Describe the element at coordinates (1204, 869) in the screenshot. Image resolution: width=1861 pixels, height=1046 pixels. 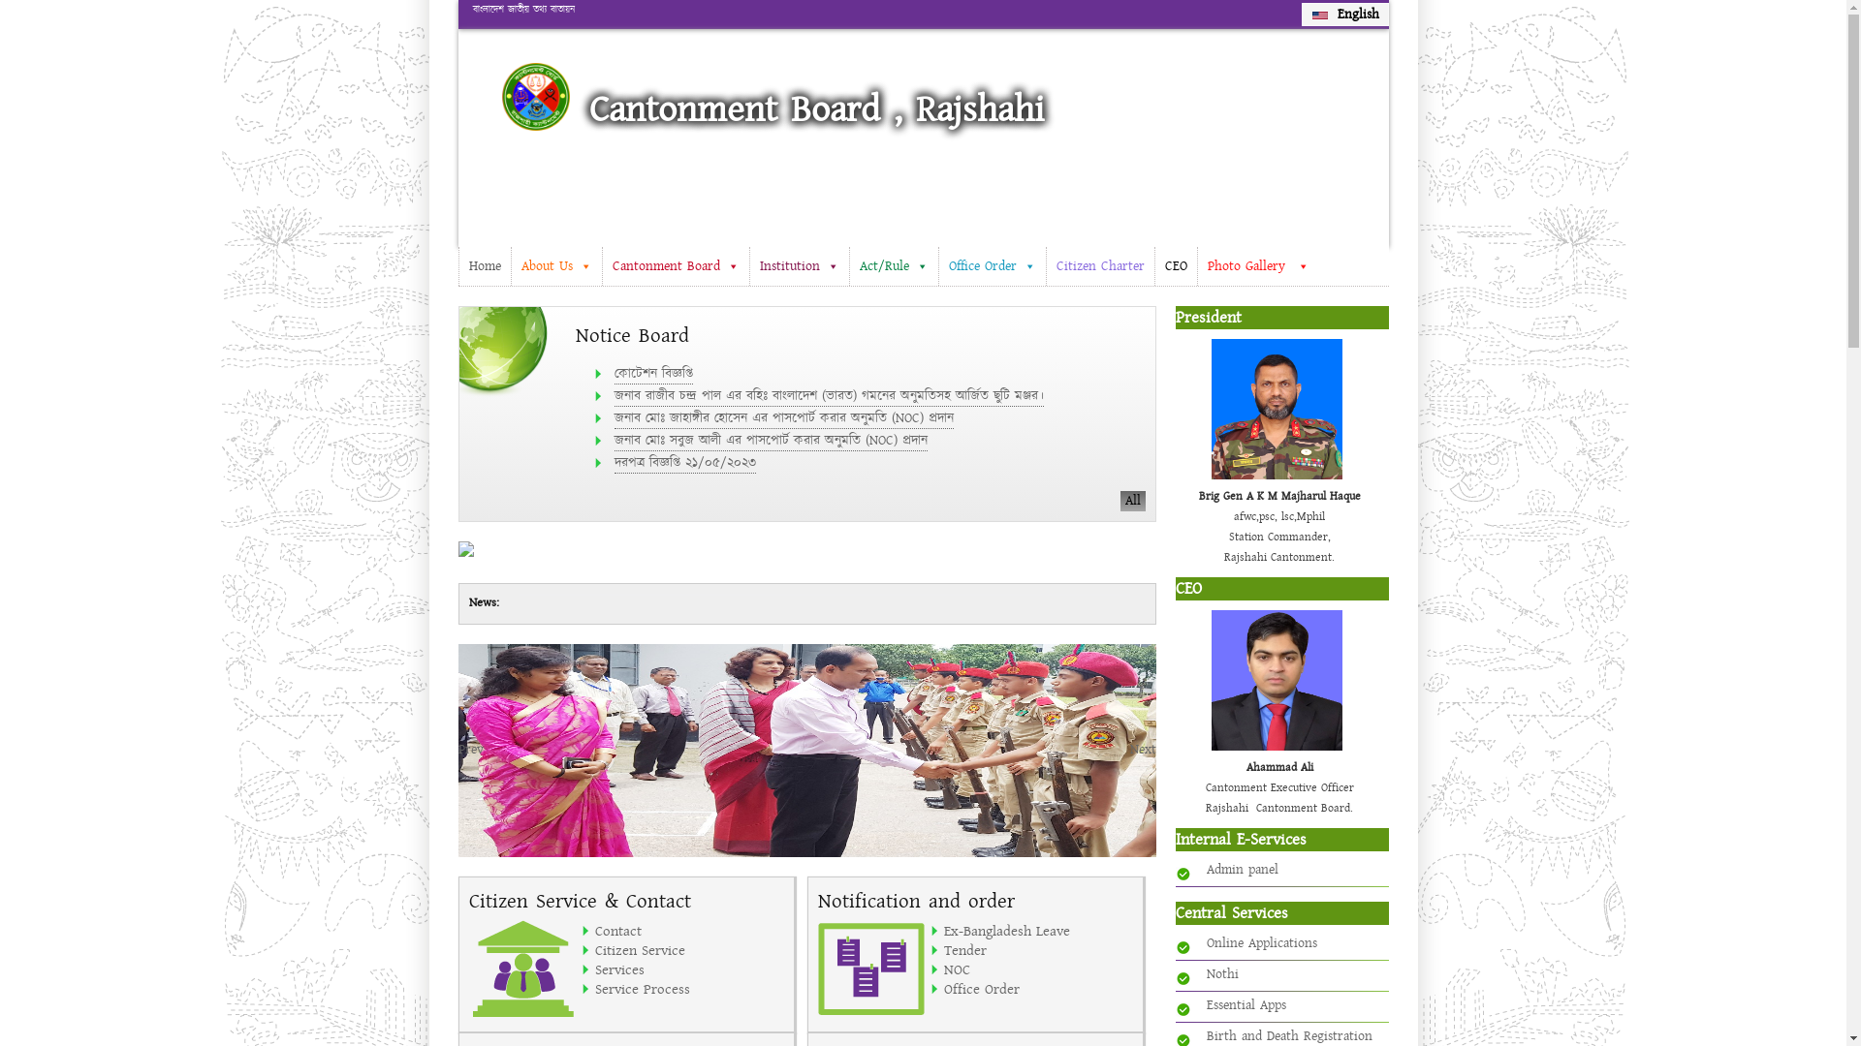
I see `'Admin panel'` at that location.